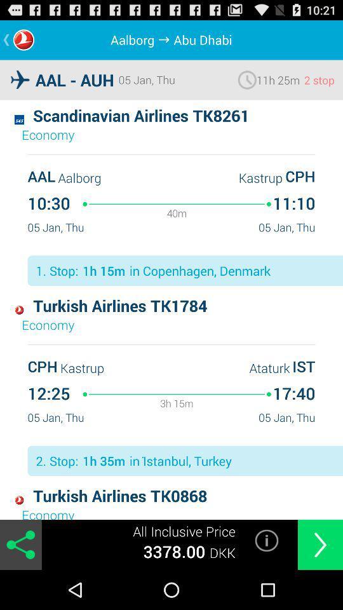  I want to click on the info icon, so click(266, 578).